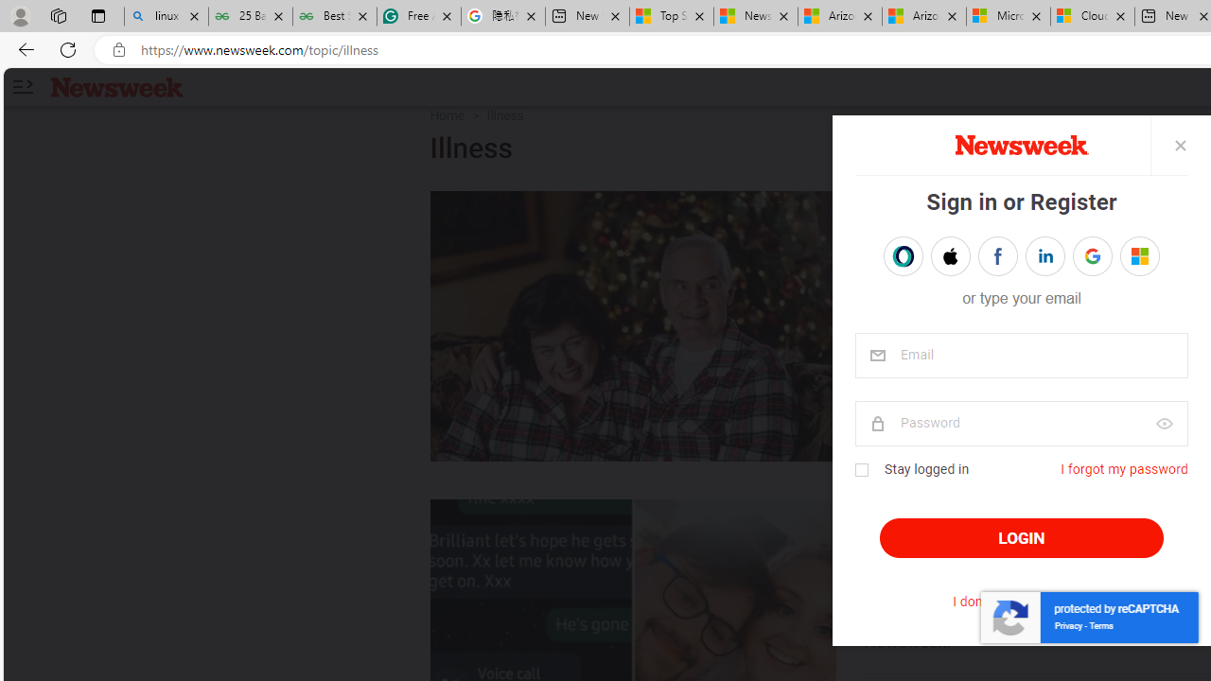  I want to click on 'Newsweek logo', so click(116, 86).